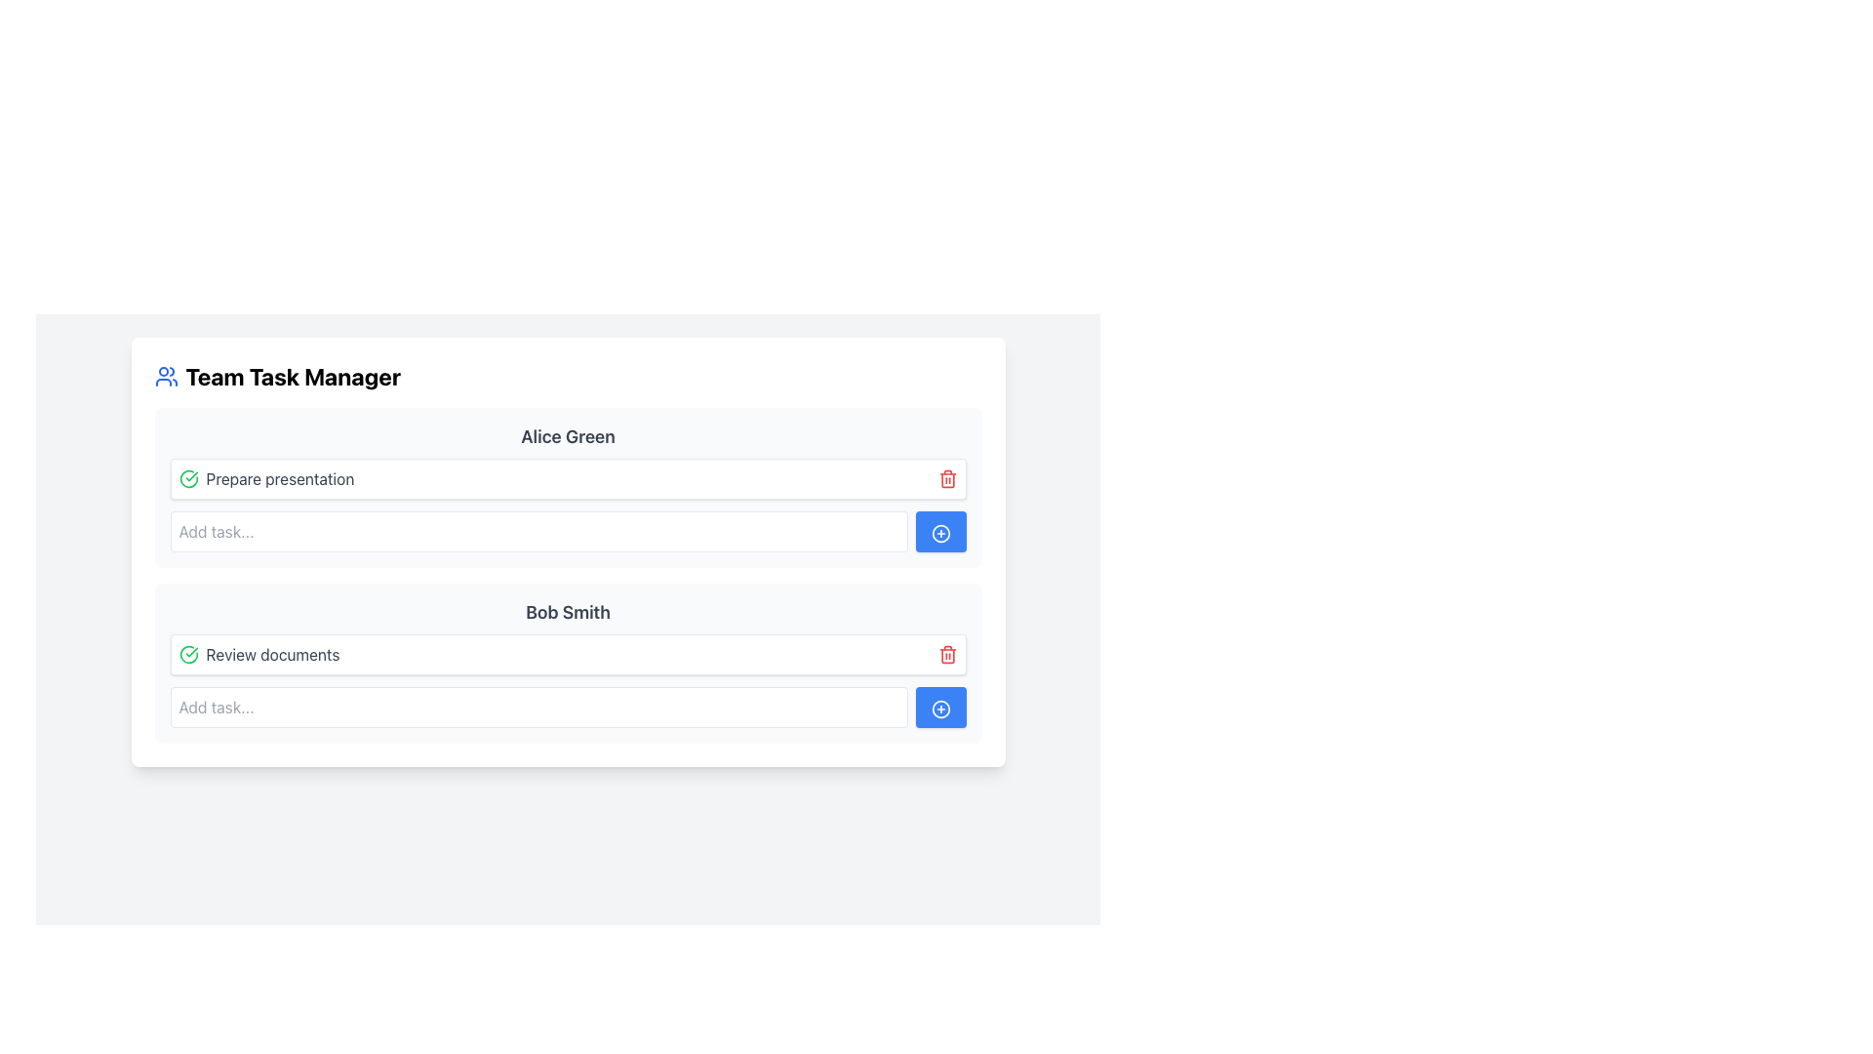  Describe the element at coordinates (567, 478) in the screenshot. I see `the first task item under the 'Alice Green' section` at that location.